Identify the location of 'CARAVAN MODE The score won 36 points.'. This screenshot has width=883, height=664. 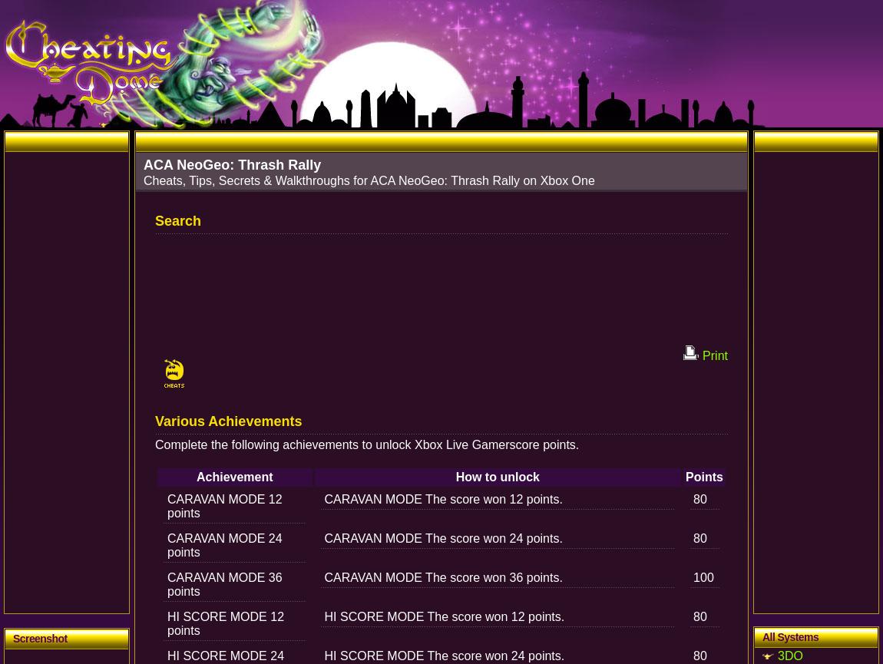
(324, 576).